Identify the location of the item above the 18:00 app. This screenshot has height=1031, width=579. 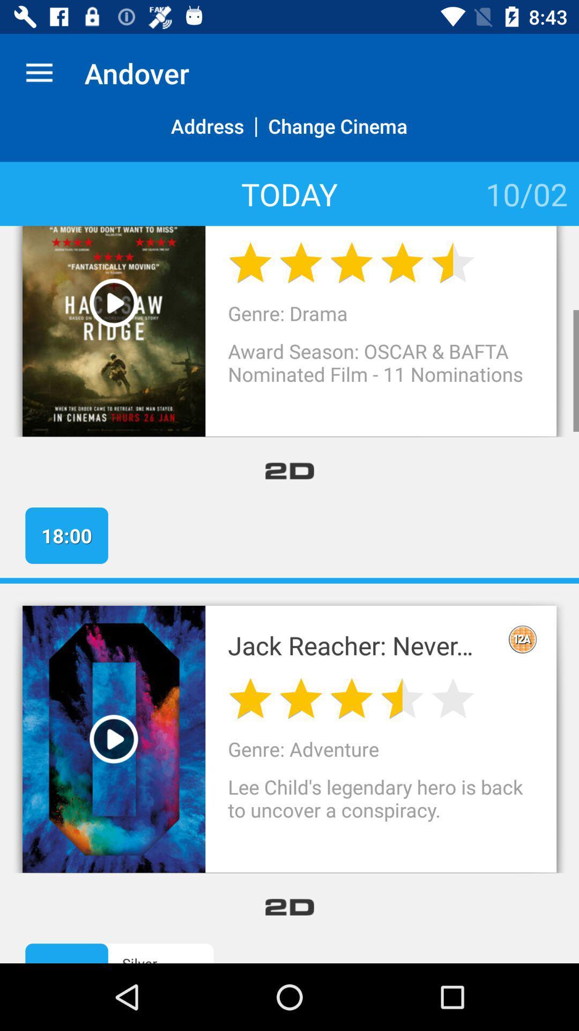
(289, 470).